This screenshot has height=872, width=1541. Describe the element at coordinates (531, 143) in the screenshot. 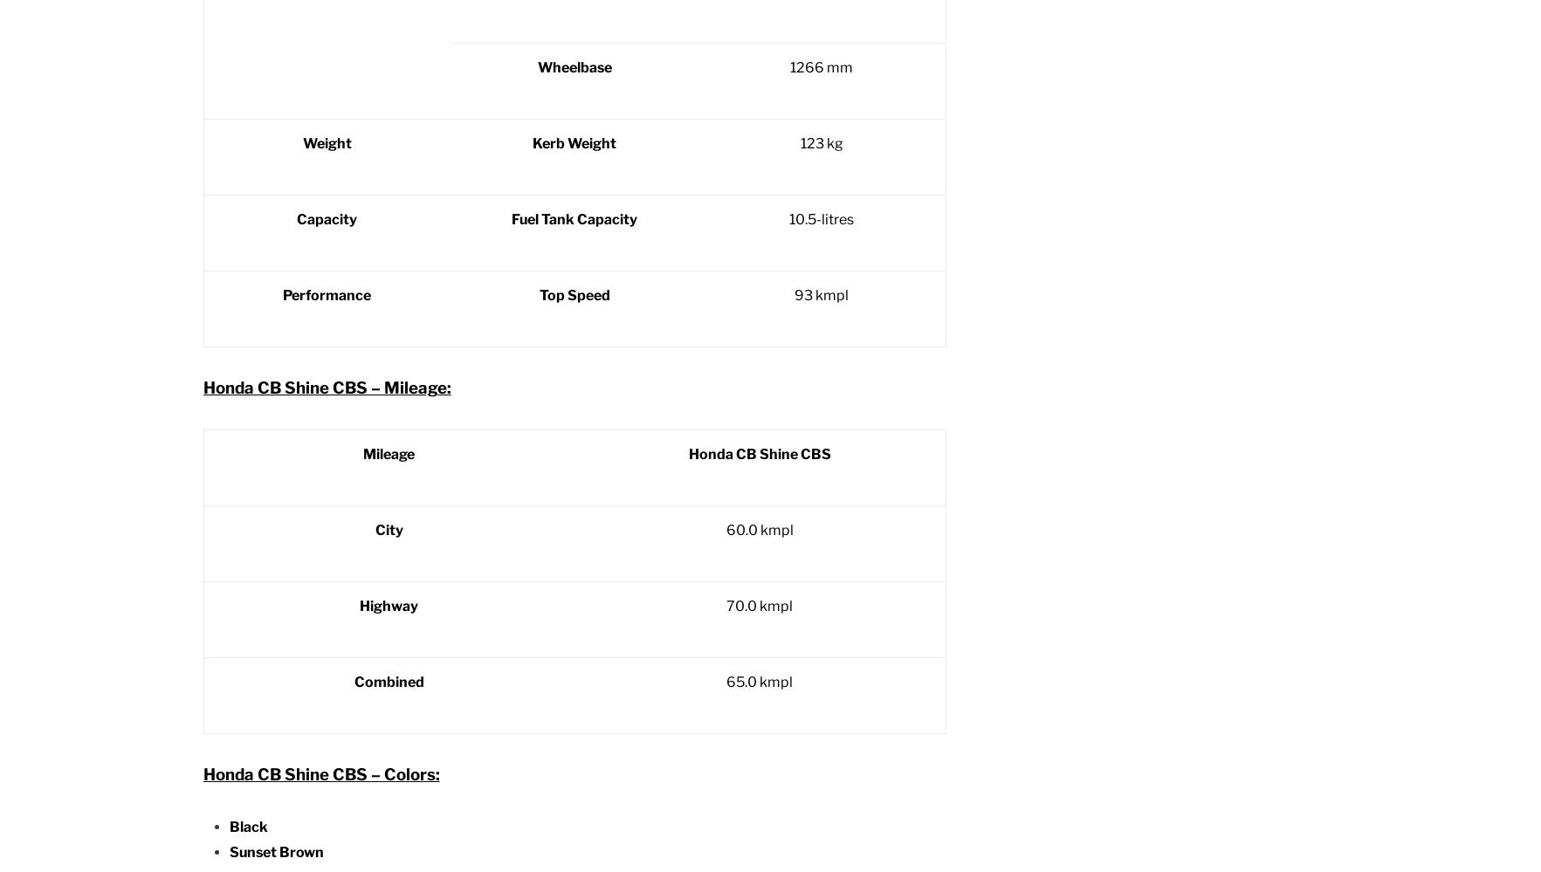

I see `'Kerb Weight'` at that location.